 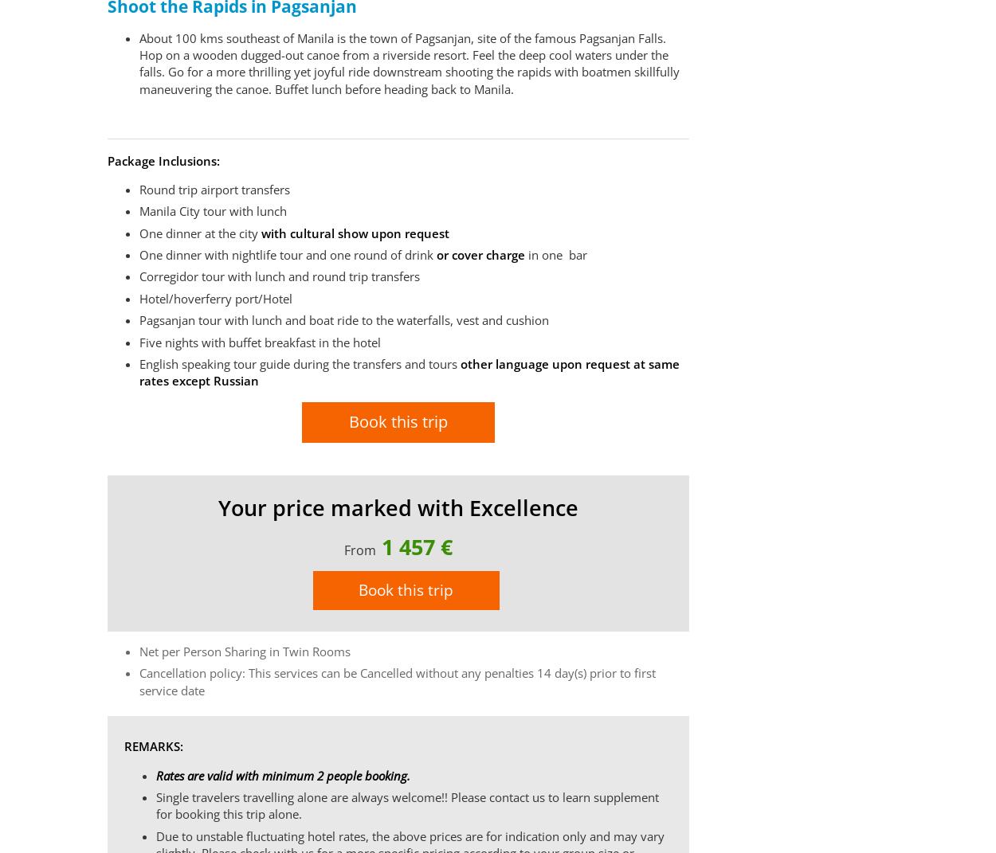 I want to click on 'Cancellation policy: This services can be Cancelled without any penalties 14 day(s) prior to first service date', so click(x=397, y=681).